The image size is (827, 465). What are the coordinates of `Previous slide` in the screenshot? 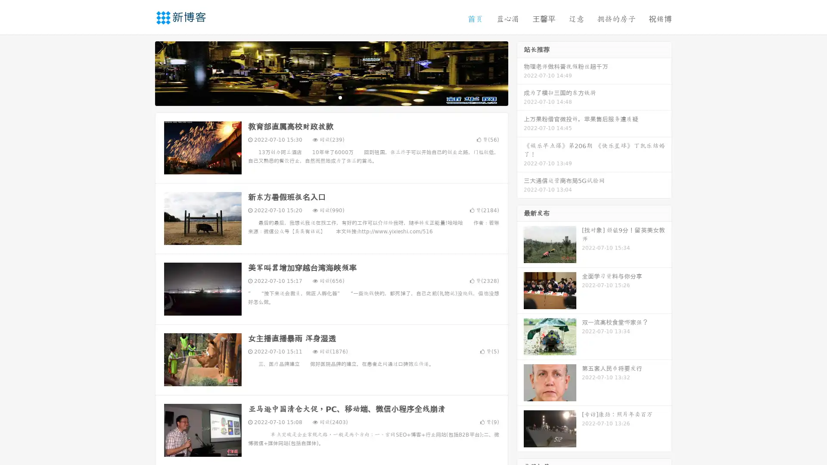 It's located at (142, 72).